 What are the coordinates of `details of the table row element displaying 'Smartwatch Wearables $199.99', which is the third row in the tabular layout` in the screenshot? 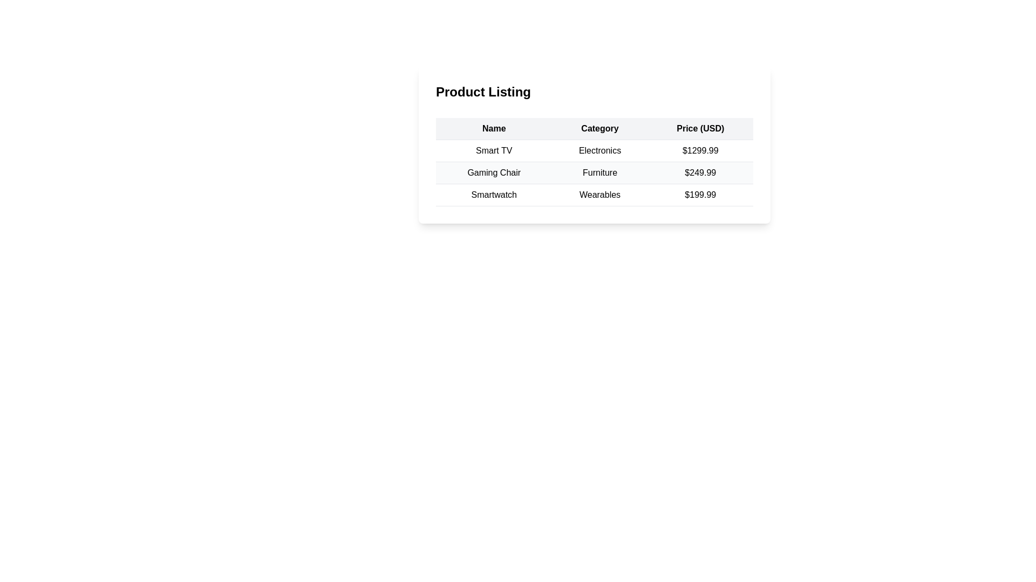 It's located at (594, 195).